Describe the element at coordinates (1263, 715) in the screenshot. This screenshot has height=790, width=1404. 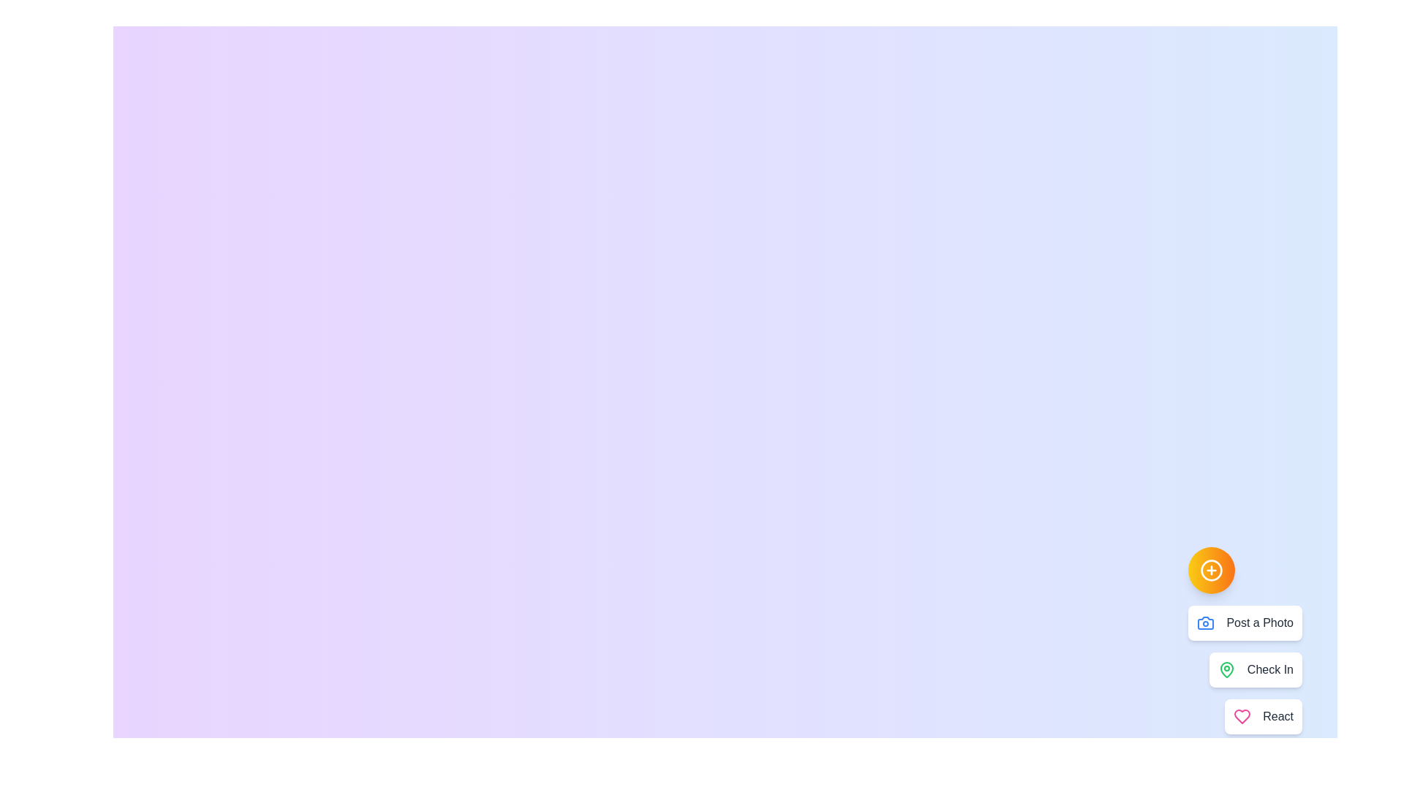
I see `the menu option React` at that location.